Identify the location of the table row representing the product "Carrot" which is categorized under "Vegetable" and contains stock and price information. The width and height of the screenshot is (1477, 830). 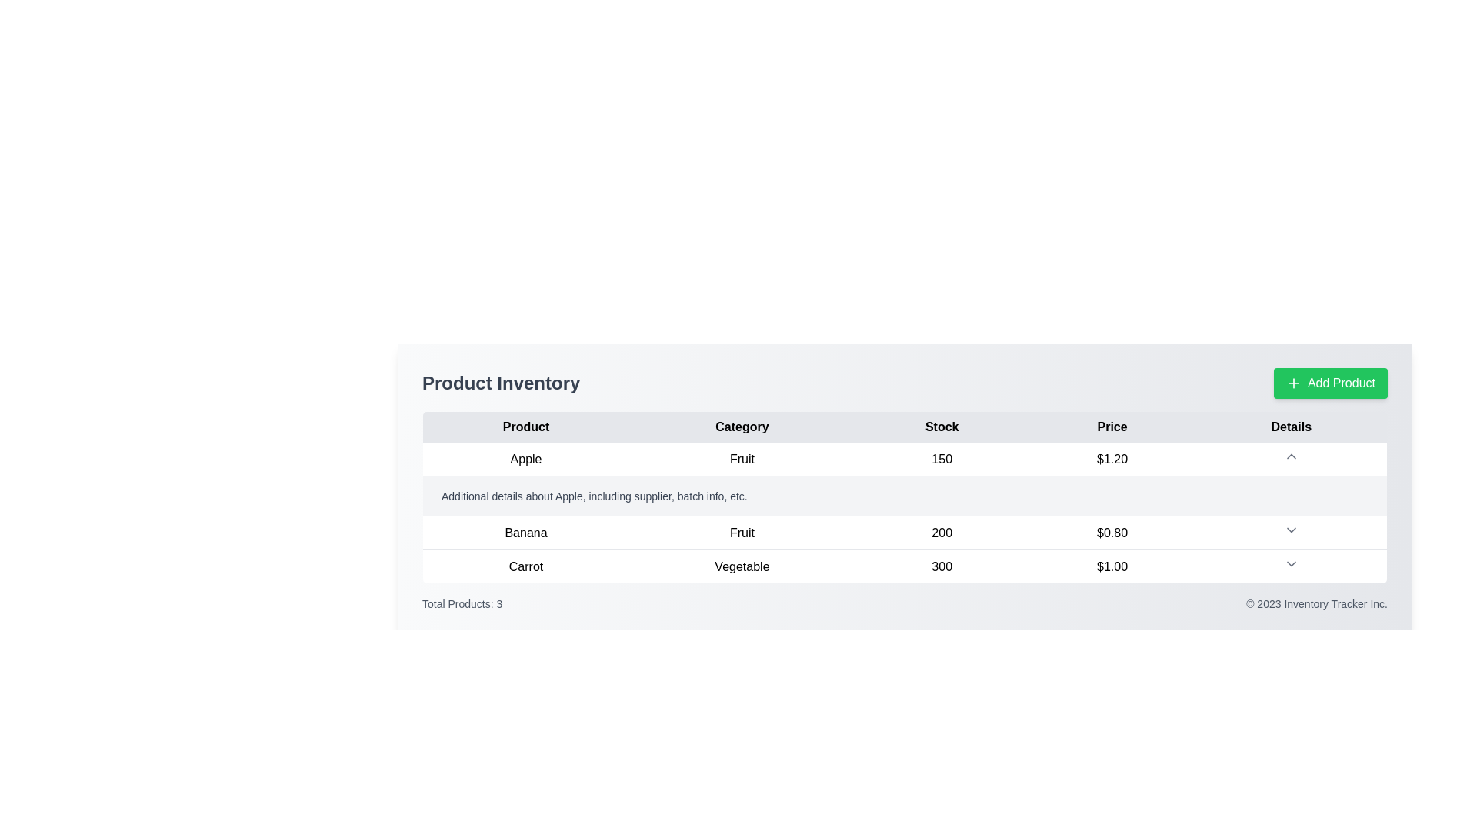
(905, 566).